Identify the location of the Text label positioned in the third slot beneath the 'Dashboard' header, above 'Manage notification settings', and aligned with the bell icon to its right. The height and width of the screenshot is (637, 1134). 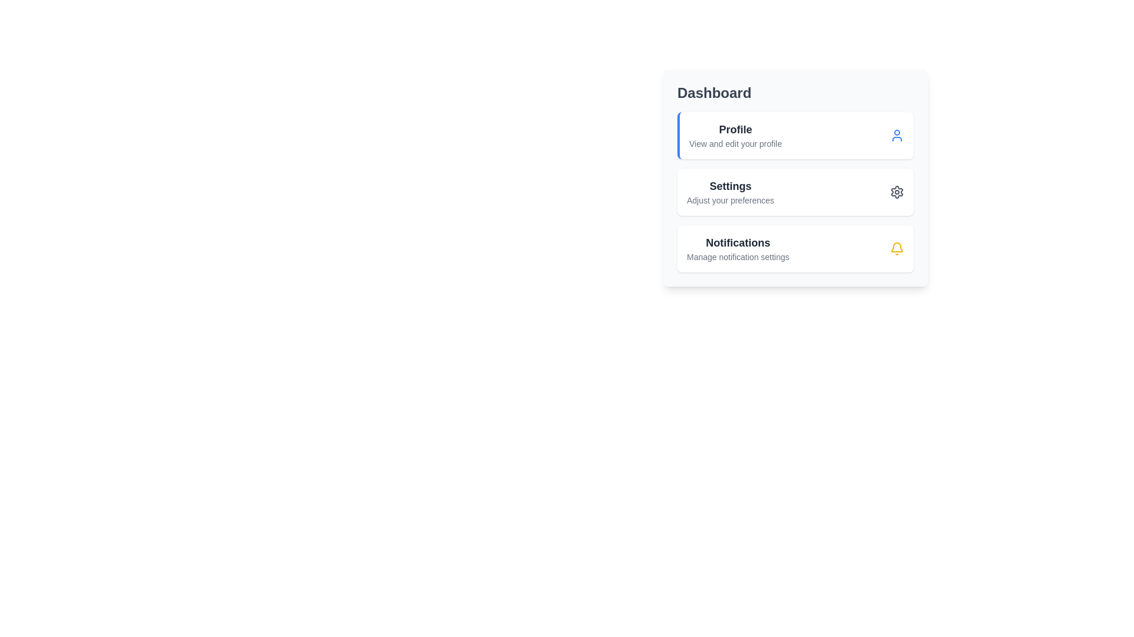
(737, 242).